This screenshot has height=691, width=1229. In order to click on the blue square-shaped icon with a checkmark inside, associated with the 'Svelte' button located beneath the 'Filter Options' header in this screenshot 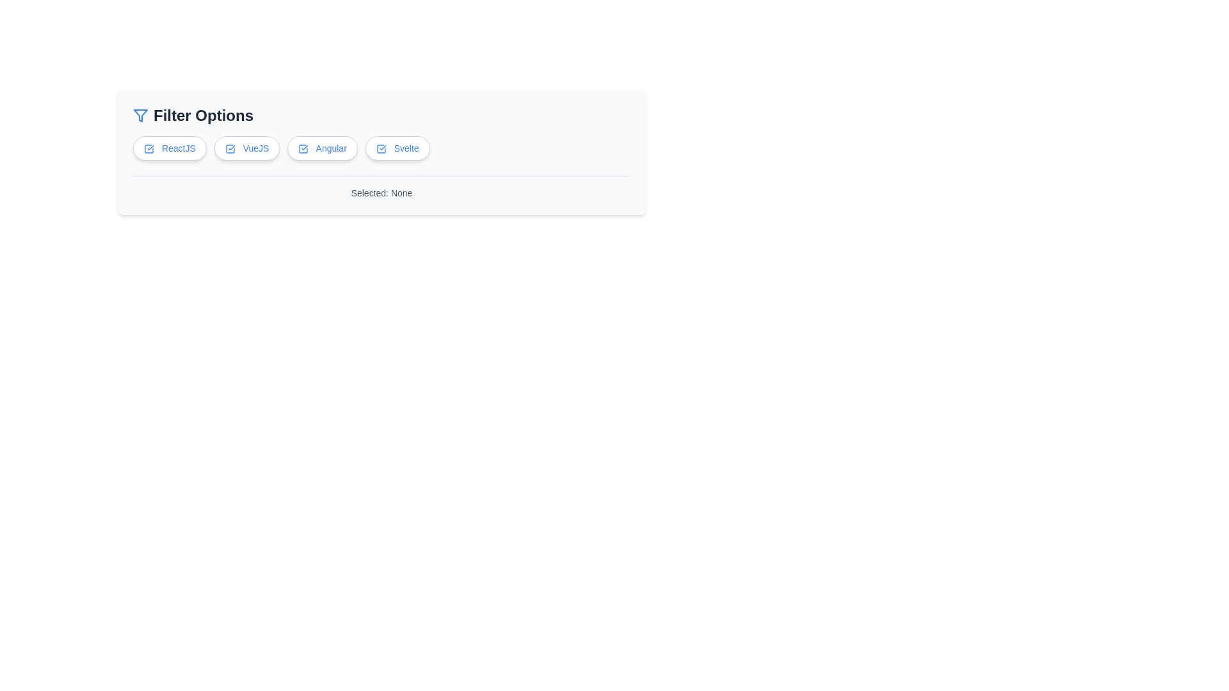, I will do `click(380, 148)`.